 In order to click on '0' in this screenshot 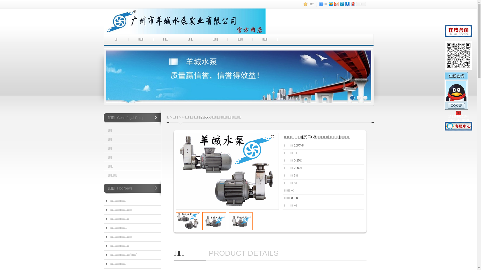, I will do `click(361, 4)`.